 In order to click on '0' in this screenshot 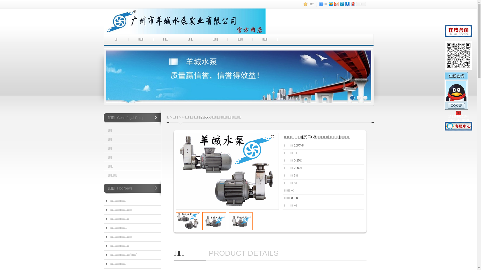, I will do `click(361, 4)`.